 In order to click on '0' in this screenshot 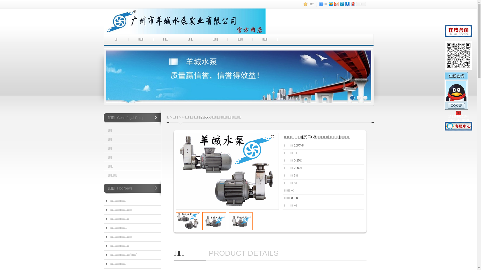, I will do `click(361, 4)`.